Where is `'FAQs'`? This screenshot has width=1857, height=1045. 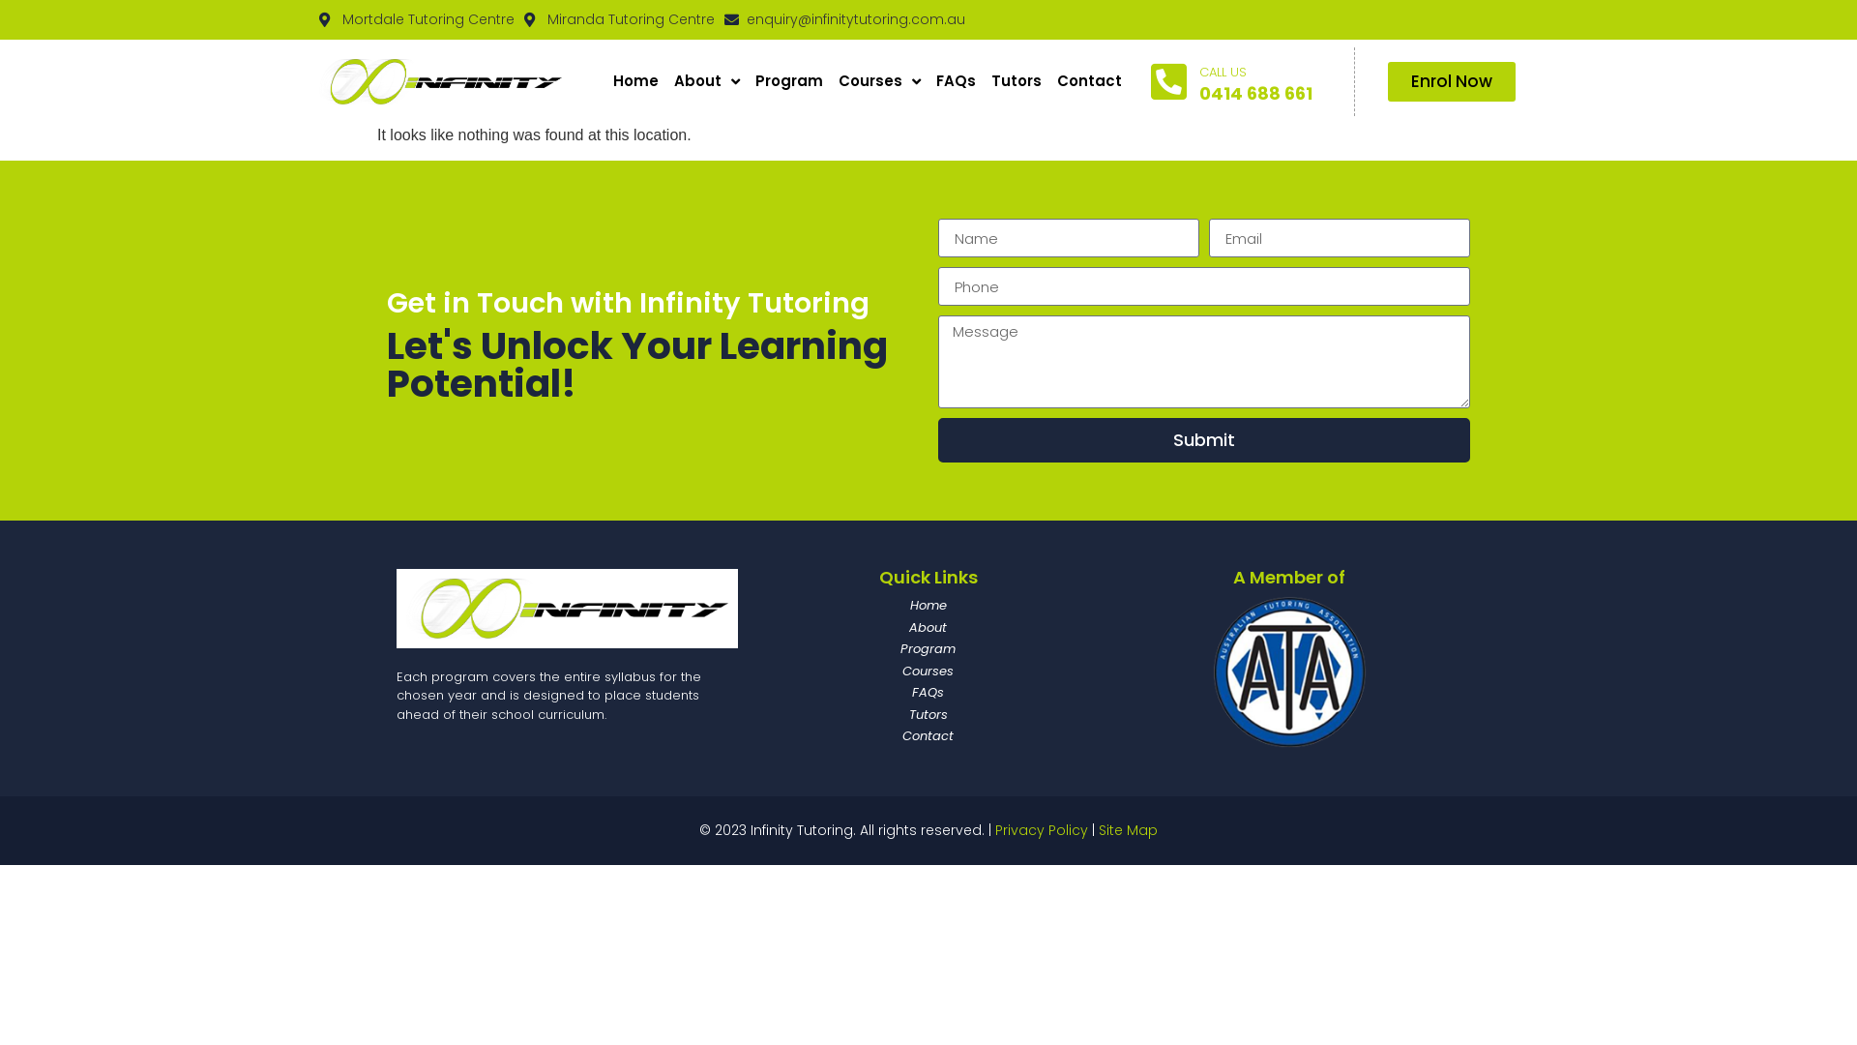 'FAQs' is located at coordinates (956, 80).